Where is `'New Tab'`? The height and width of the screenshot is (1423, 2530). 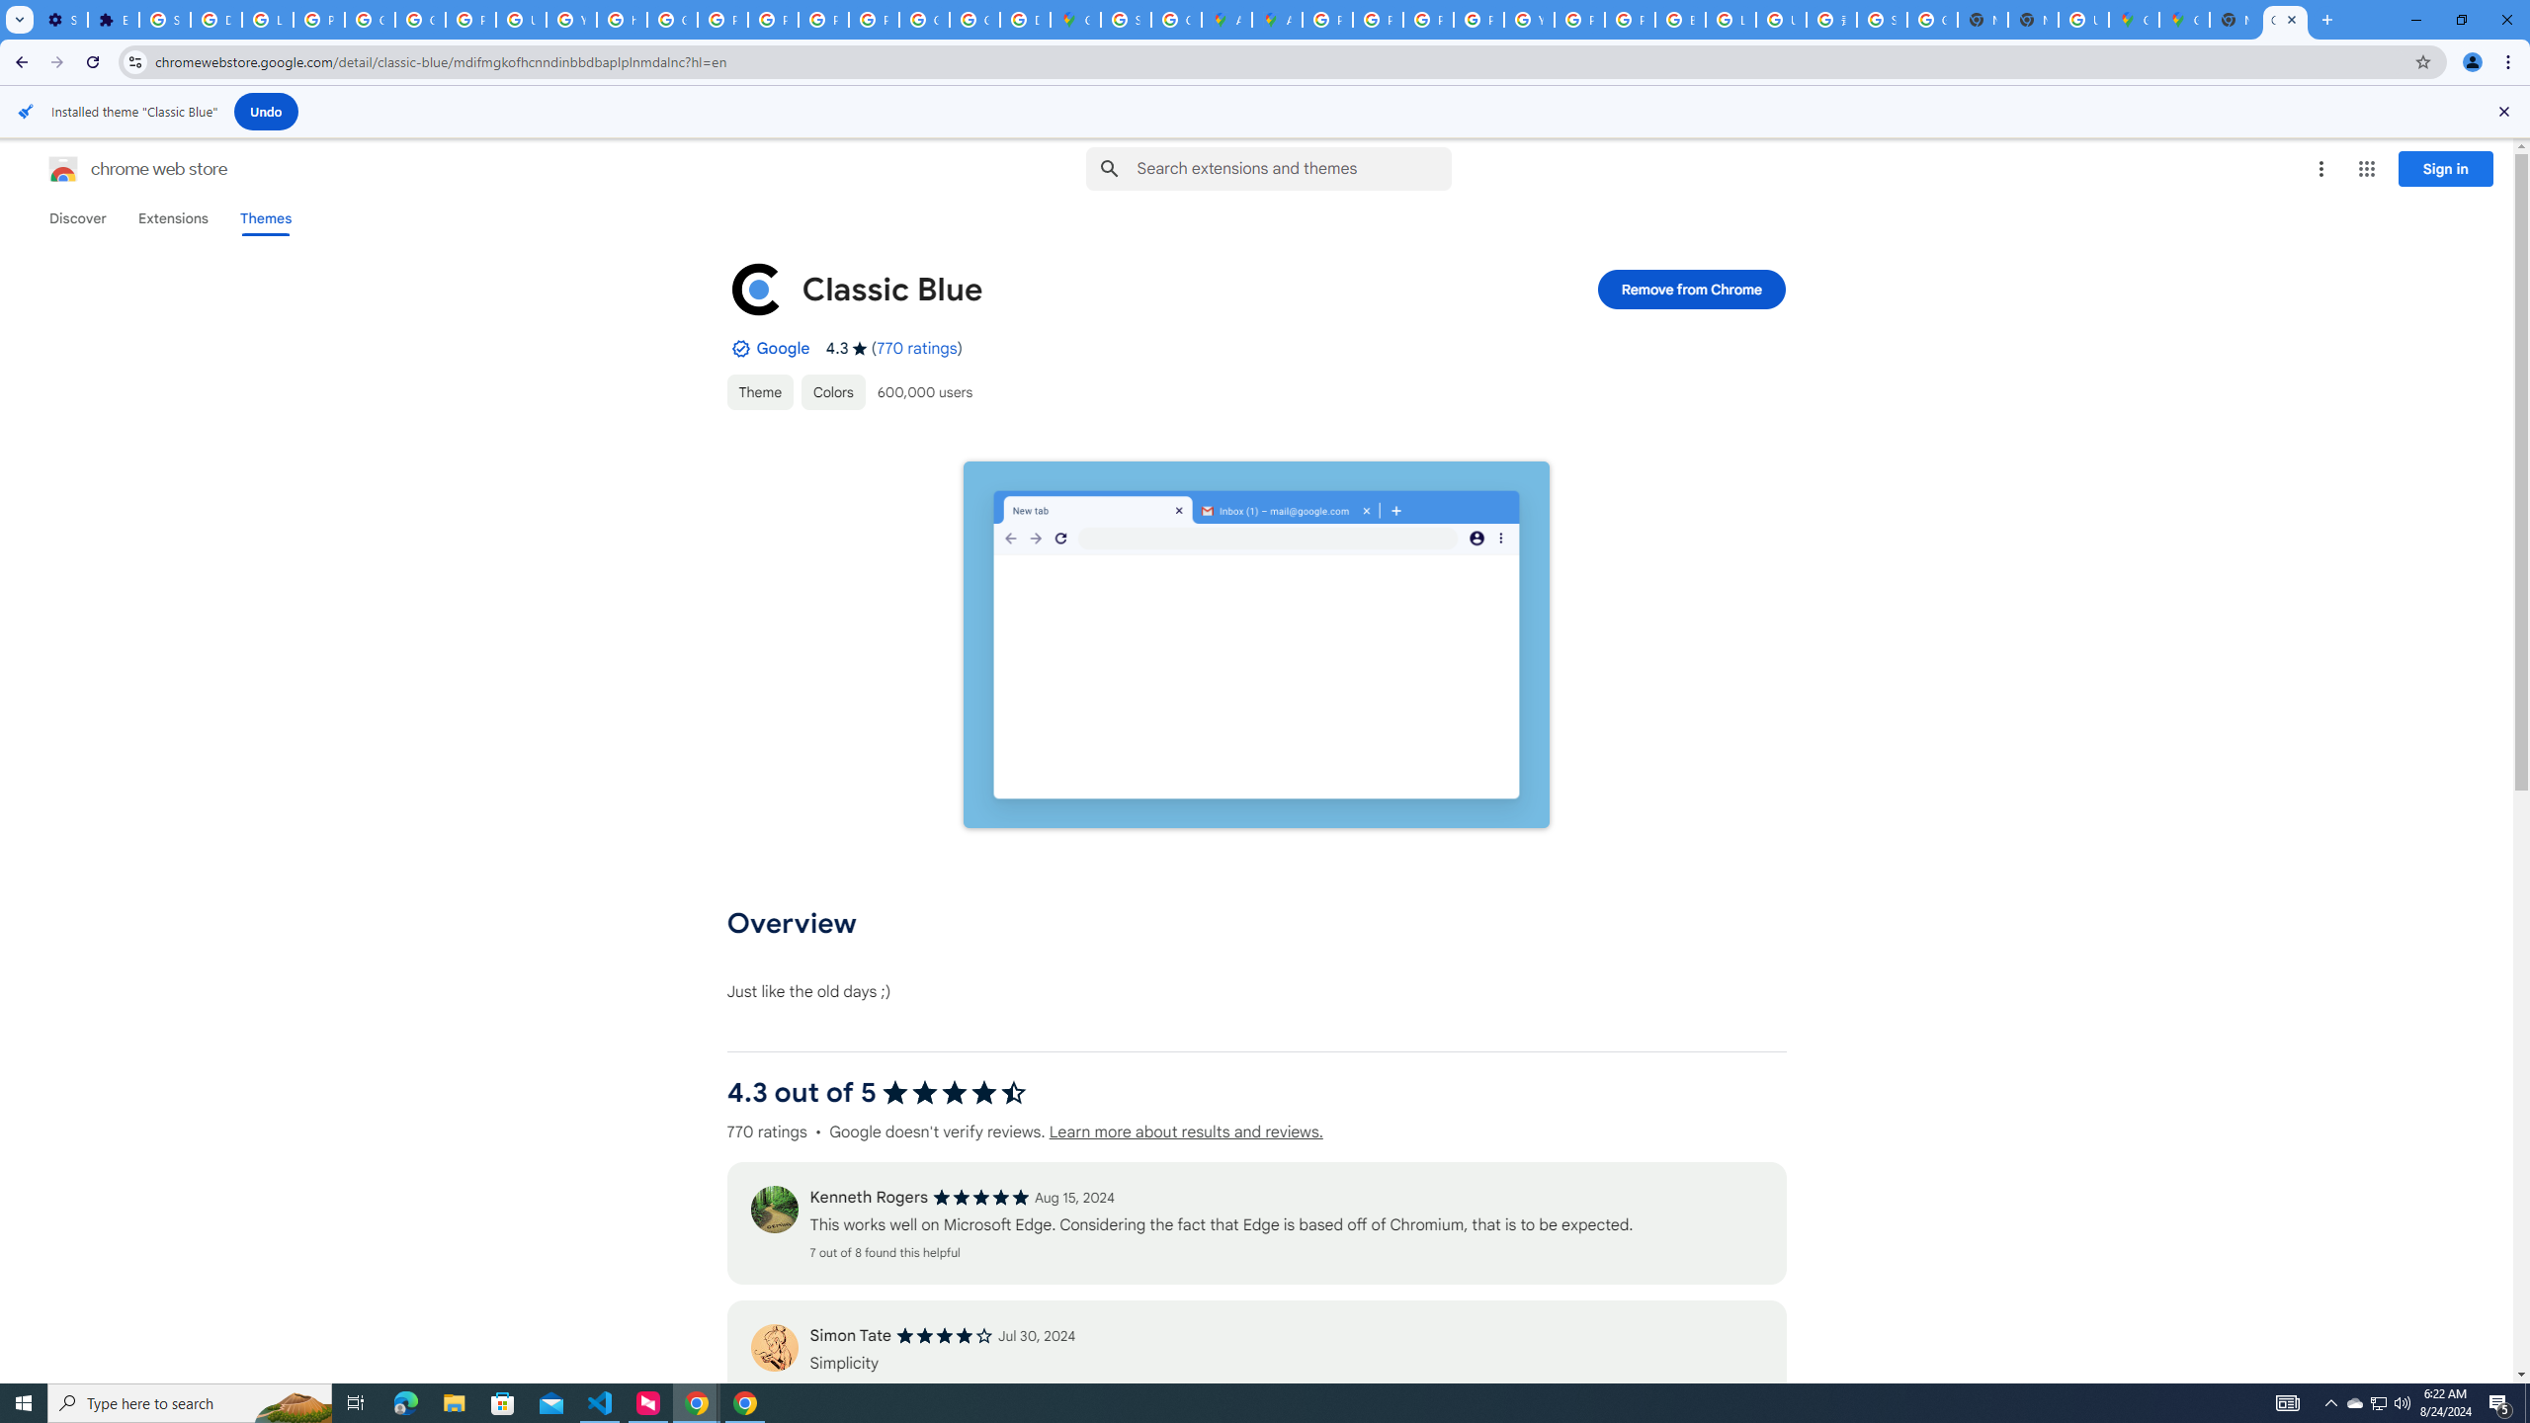 'New Tab' is located at coordinates (2235, 19).